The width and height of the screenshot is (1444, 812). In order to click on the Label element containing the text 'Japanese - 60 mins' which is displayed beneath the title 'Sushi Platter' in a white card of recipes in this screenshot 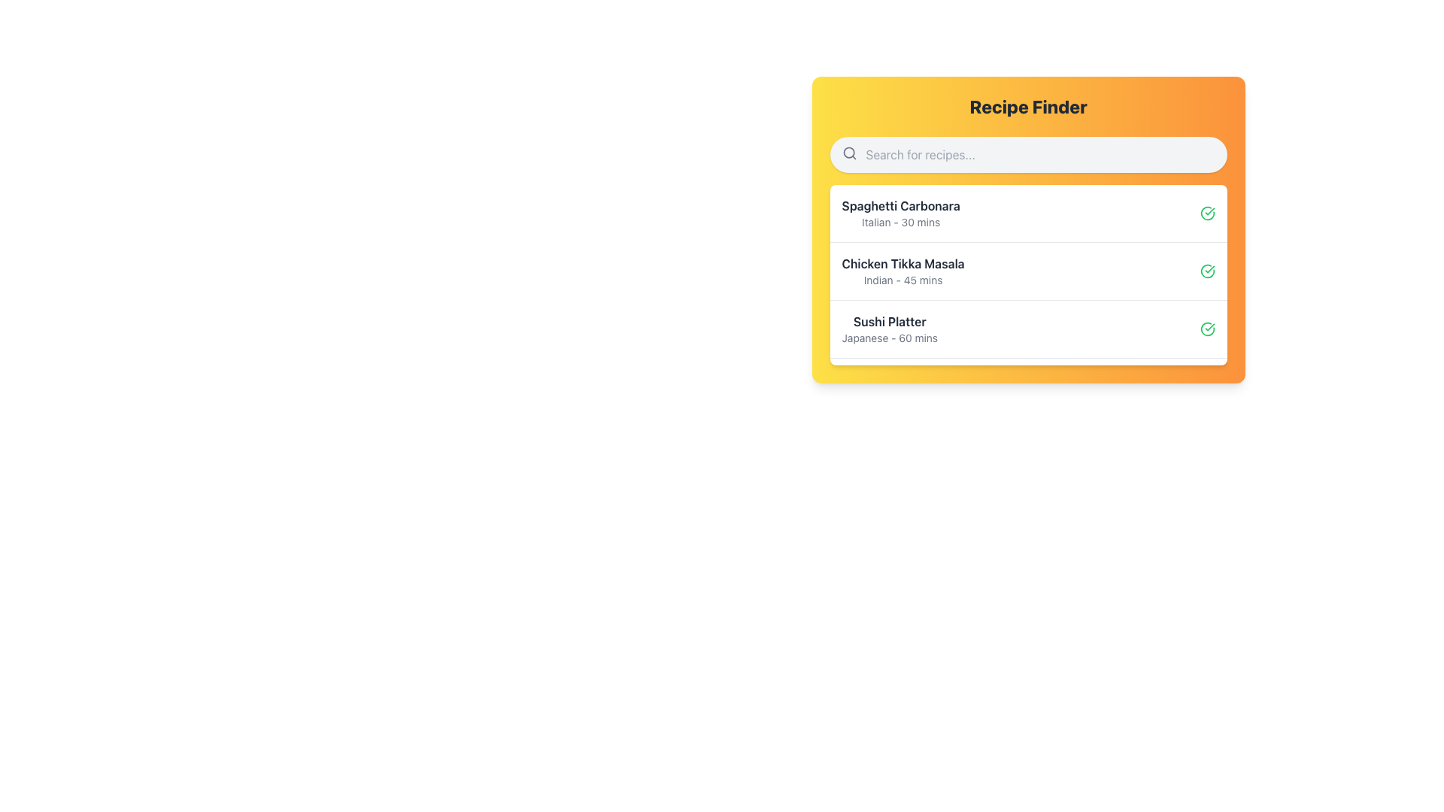, I will do `click(890, 338)`.